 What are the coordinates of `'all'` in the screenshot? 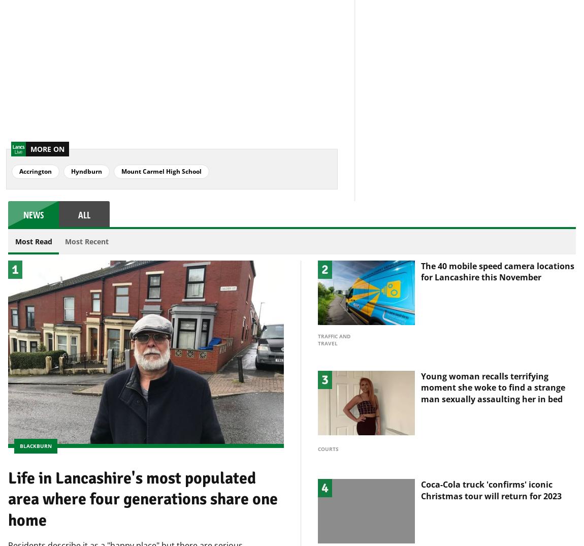 It's located at (83, 198).